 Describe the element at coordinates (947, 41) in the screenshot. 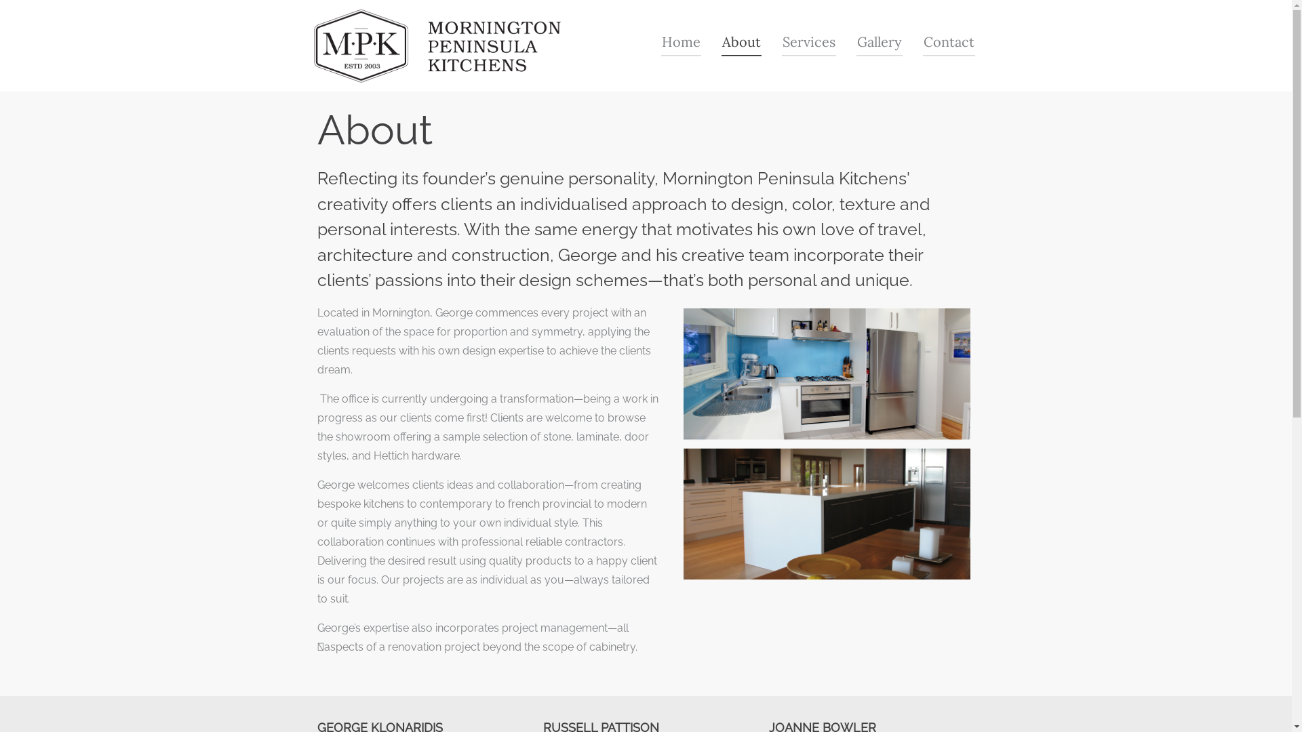

I see `'Contact'` at that location.